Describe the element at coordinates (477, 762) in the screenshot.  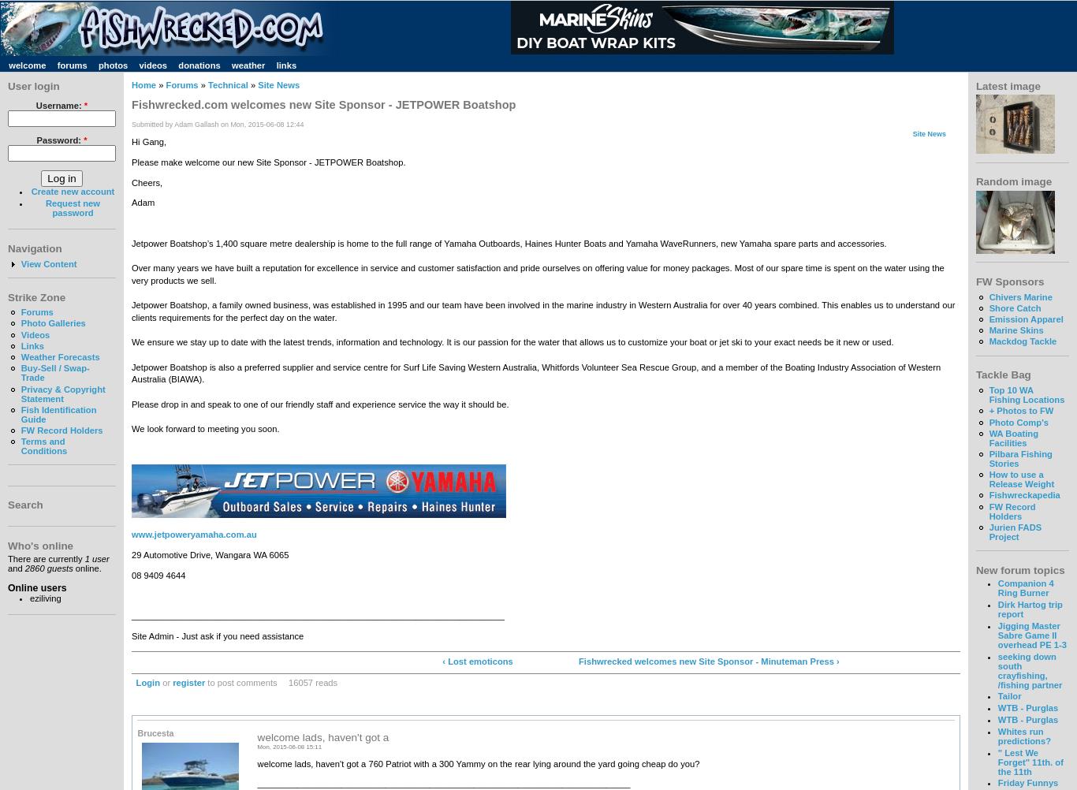
I see `'welcome lads, haven't got a 760 Patriot with a 300 Yammy on the rear lying around the yard going cheap do you?'` at that location.